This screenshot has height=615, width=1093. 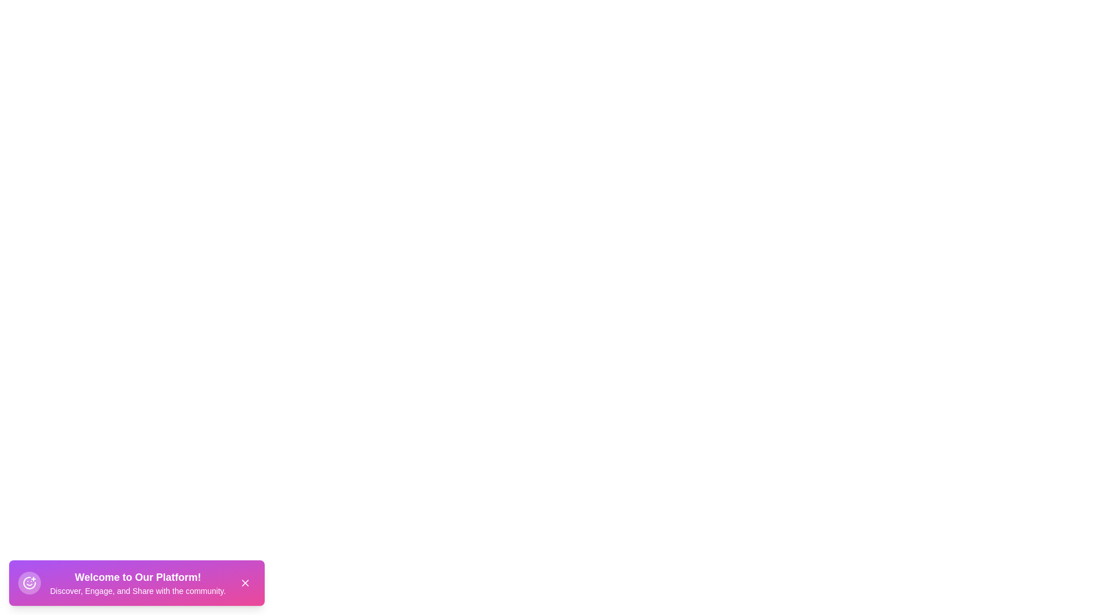 What do you see at coordinates (30, 583) in the screenshot?
I see `the icon within the snackbar` at bounding box center [30, 583].